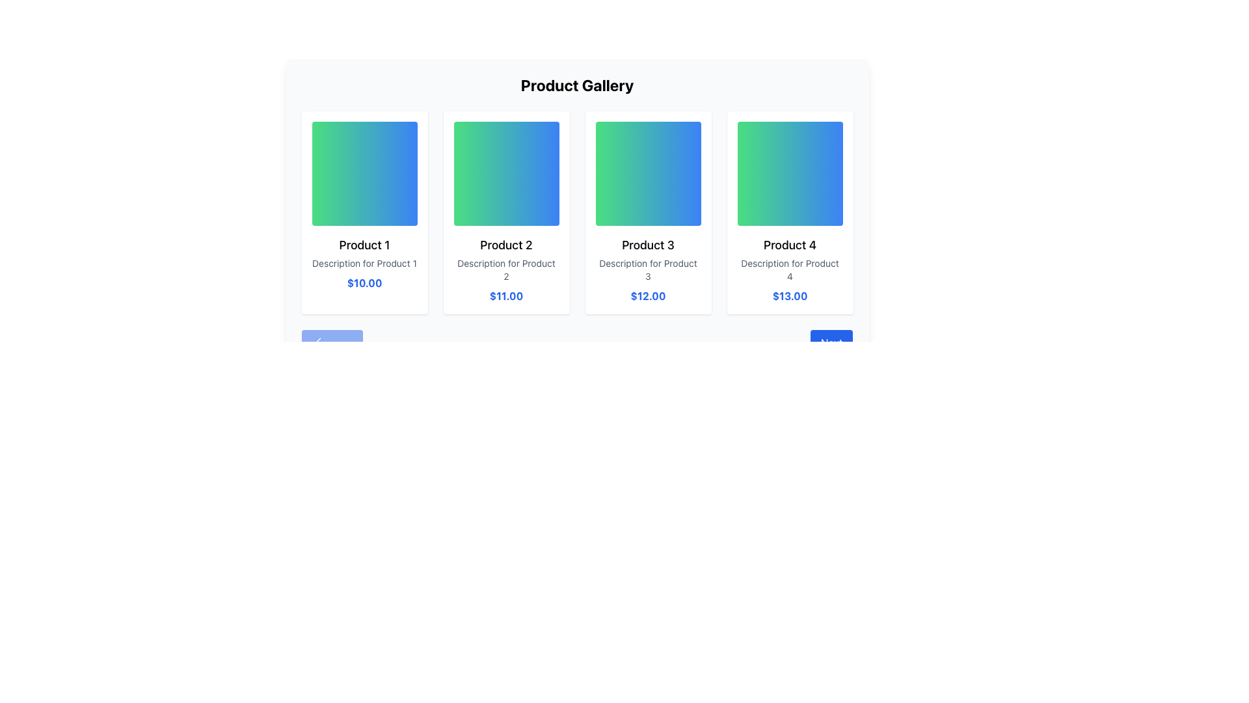  Describe the element at coordinates (505, 245) in the screenshot. I see `displayed text of the 'Product 2' label, which is prominently shown in bold text within the product gallery card` at that location.